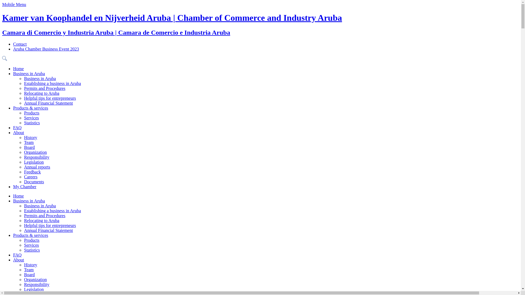 Image resolution: width=525 pixels, height=295 pixels. I want to click on 'Products & services', so click(30, 108).